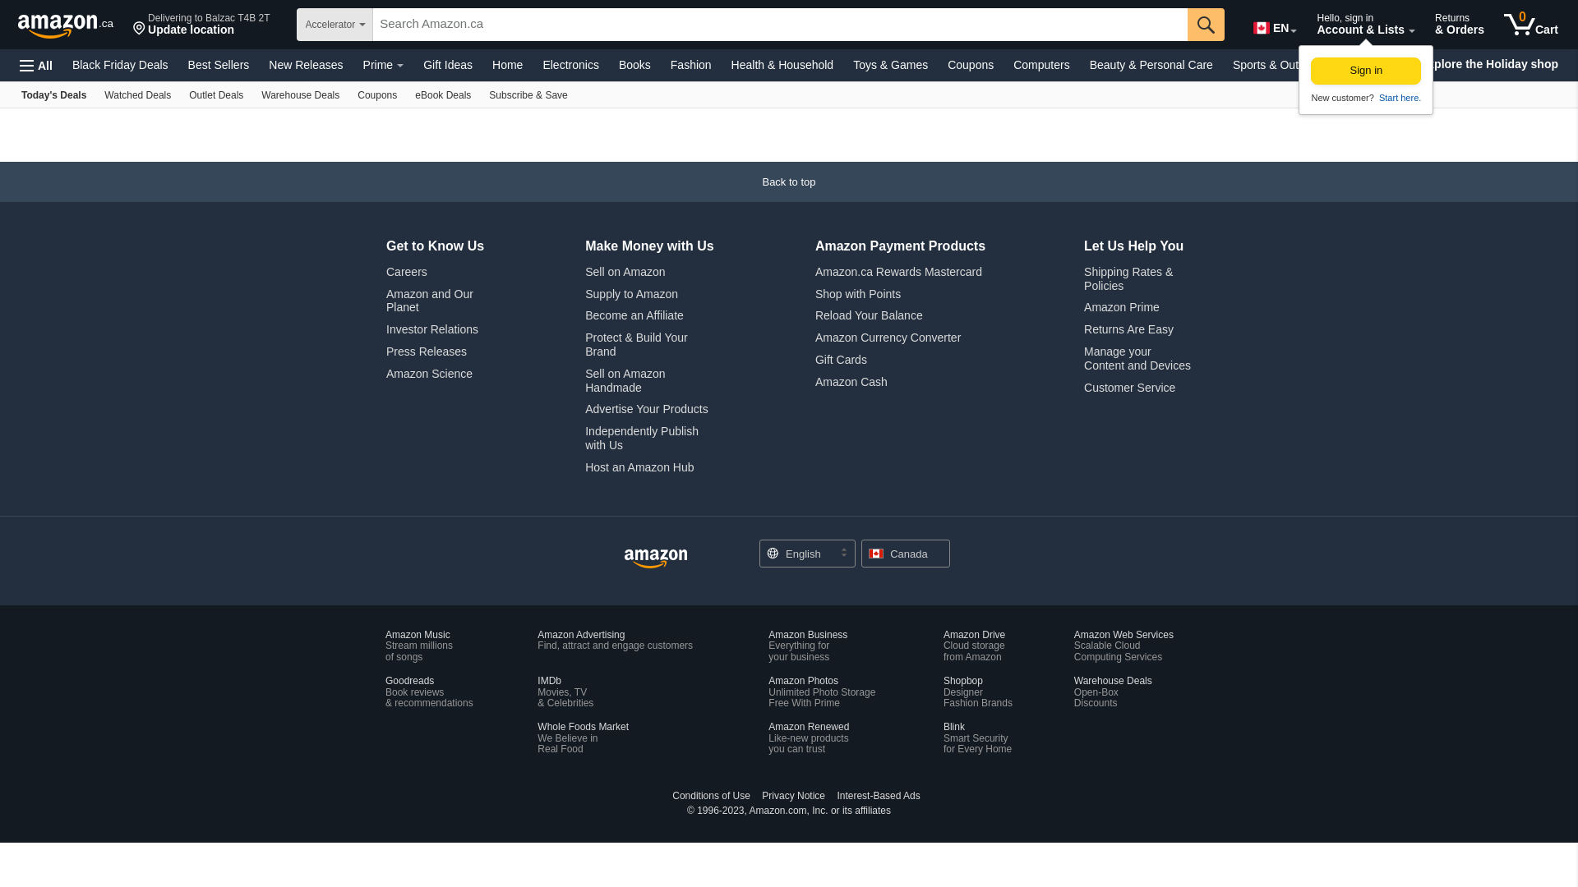 This screenshot has width=1578, height=887. What do you see at coordinates (584, 293) in the screenshot?
I see `'Supply to Amazon'` at bounding box center [584, 293].